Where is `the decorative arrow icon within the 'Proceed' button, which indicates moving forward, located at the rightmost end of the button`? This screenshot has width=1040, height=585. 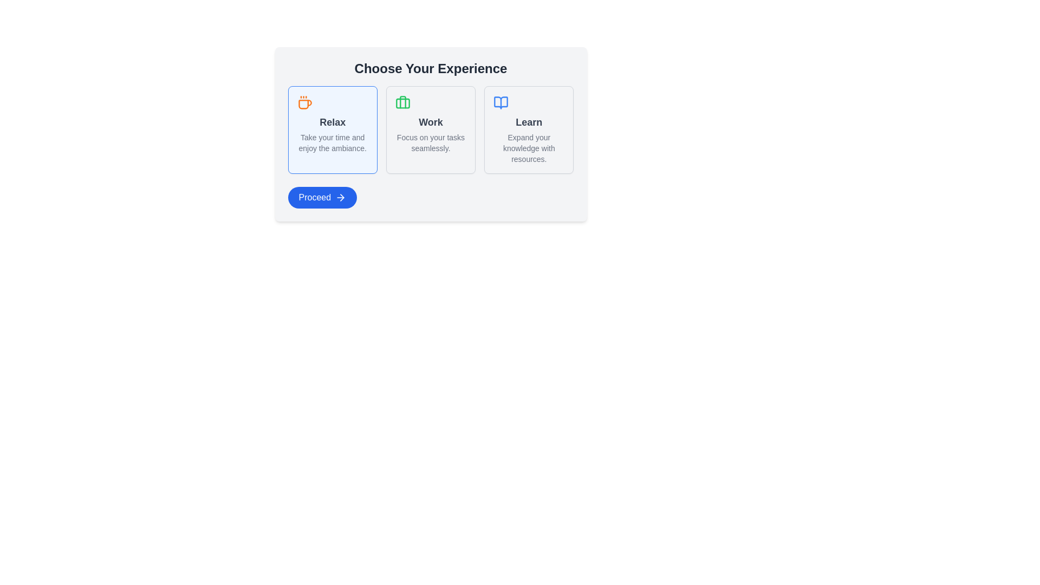 the decorative arrow icon within the 'Proceed' button, which indicates moving forward, located at the rightmost end of the button is located at coordinates (342, 198).